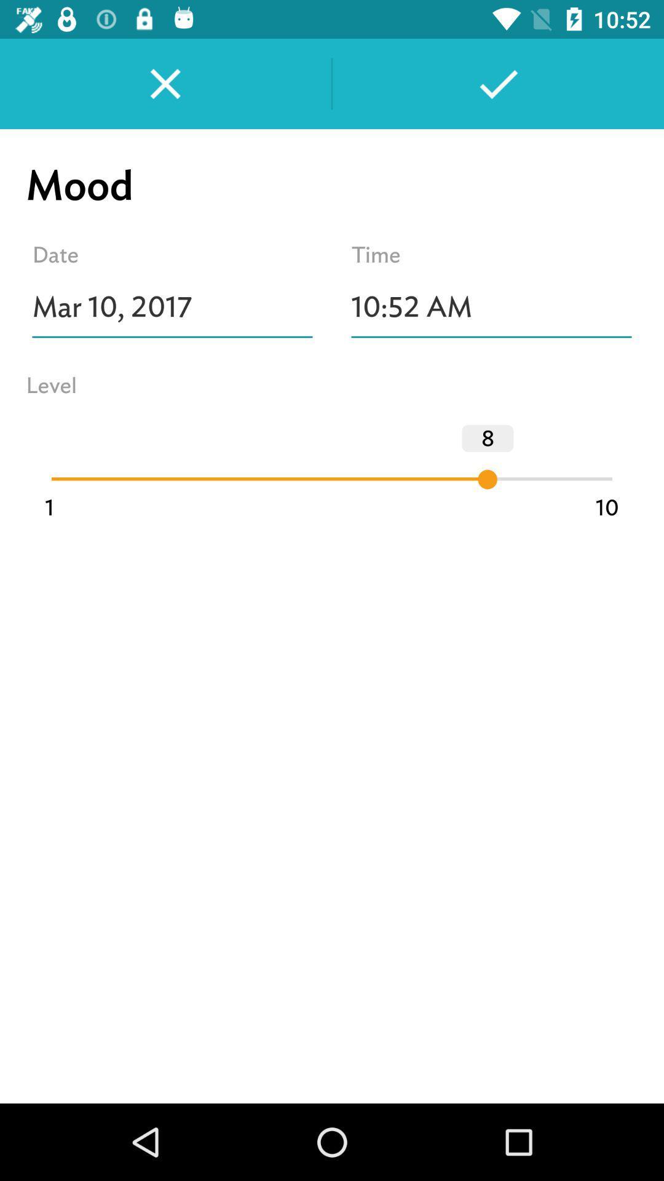  I want to click on the text field below date on the web page, so click(172, 307).